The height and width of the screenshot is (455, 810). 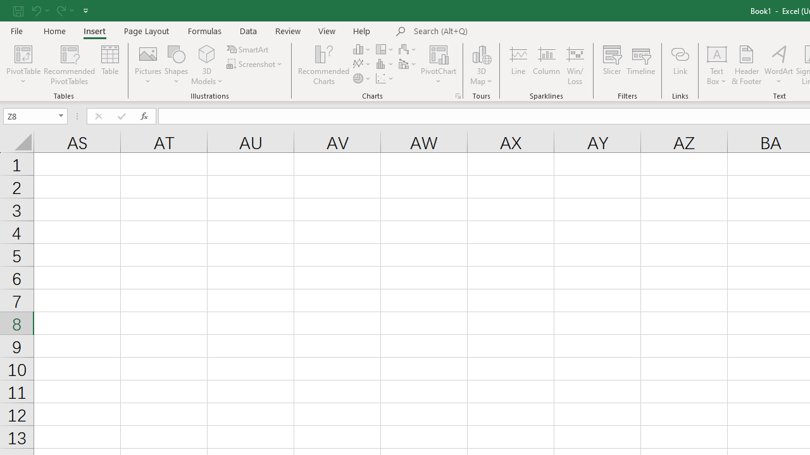 What do you see at coordinates (176, 65) in the screenshot?
I see `'Shapes'` at bounding box center [176, 65].